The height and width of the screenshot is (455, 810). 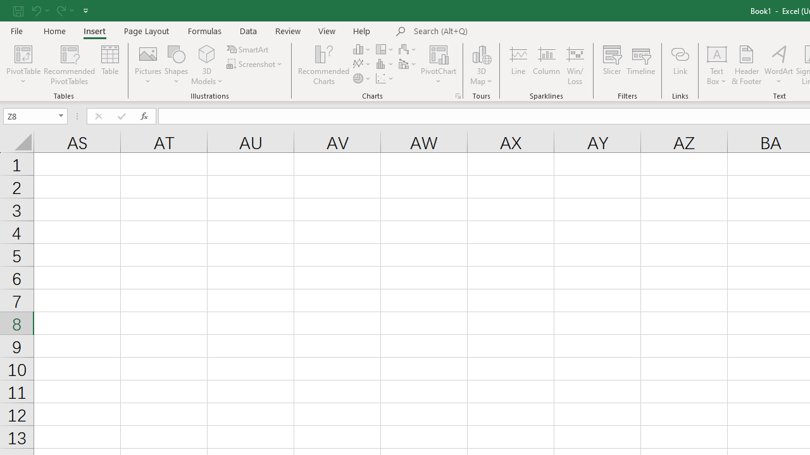 What do you see at coordinates (176, 65) in the screenshot?
I see `'Shapes'` at bounding box center [176, 65].